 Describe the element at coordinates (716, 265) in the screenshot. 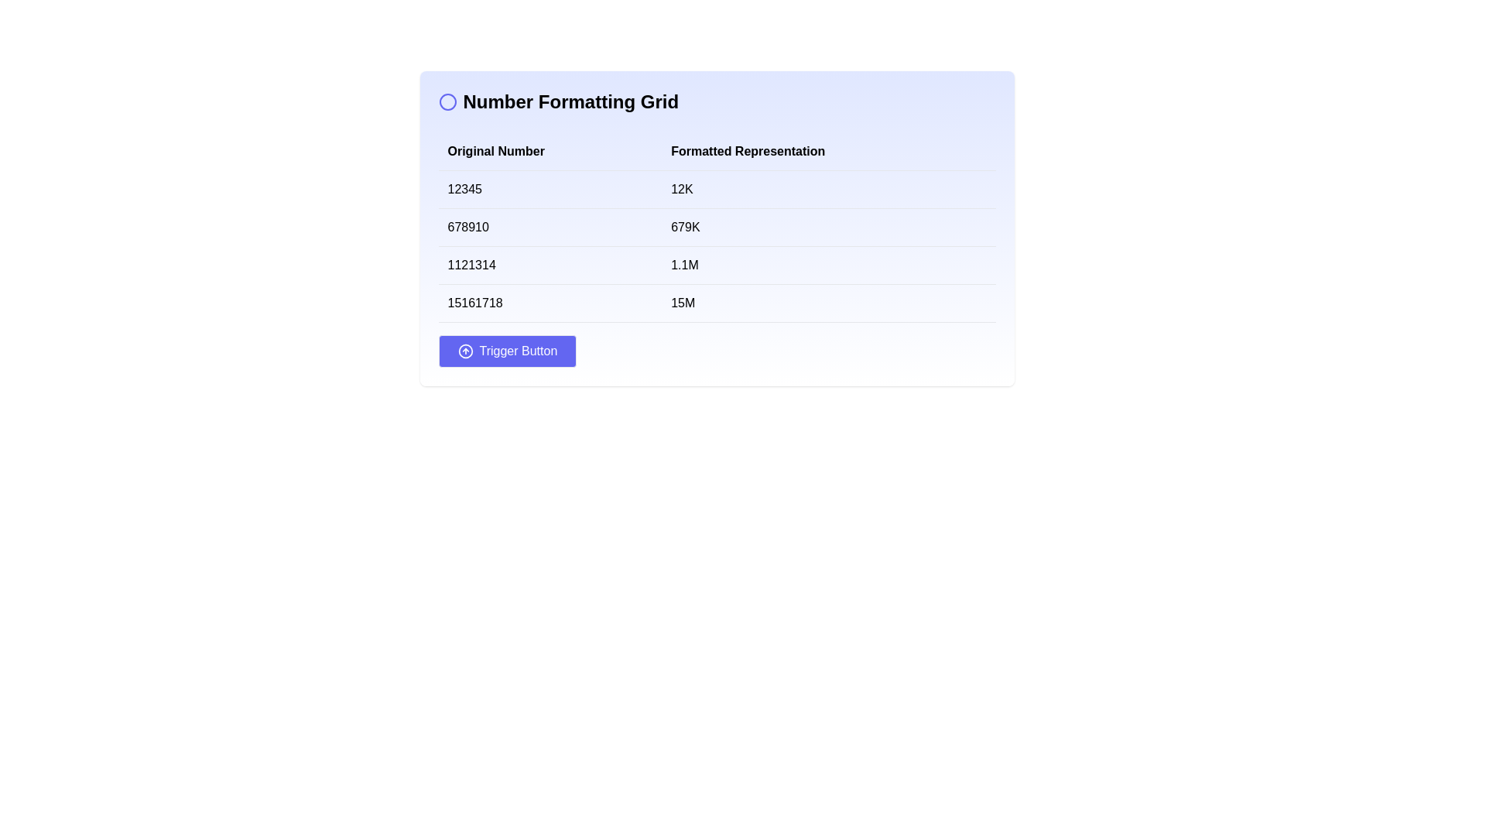

I see `the third data row in the tabular format, which contains the components '1121314' and '1.1M'` at that location.